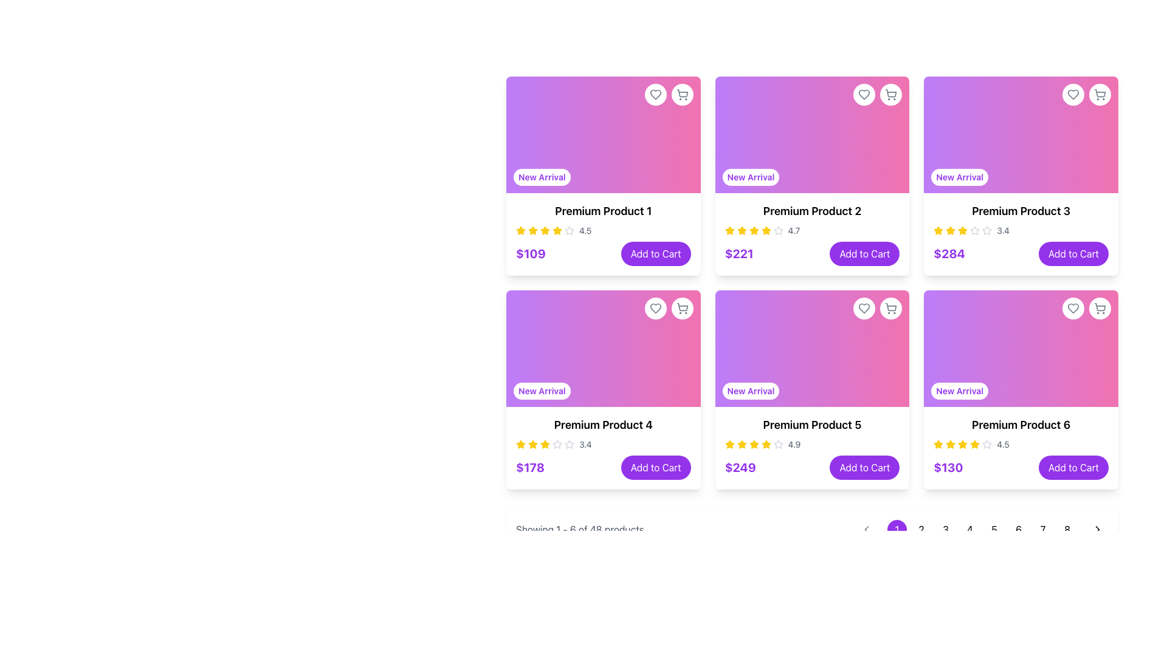 This screenshot has width=1167, height=656. I want to click on the button located in the bottom-right corner of the card for 'Premium Product 4', so click(655, 467).